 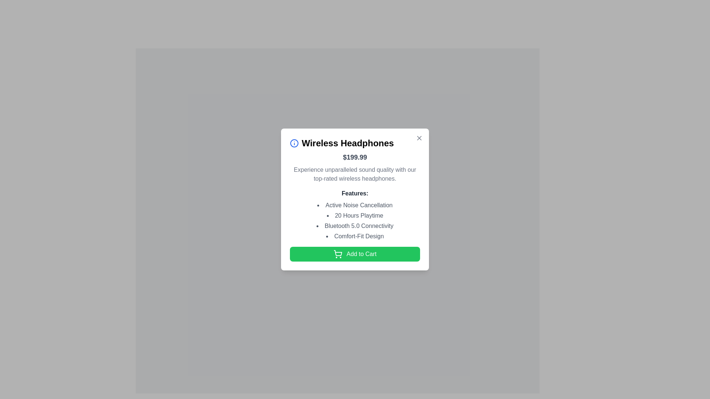 What do you see at coordinates (355, 220) in the screenshot?
I see `list of features presented in bullet points under the 'Features:' heading in the card about 'Wireless Headphones'` at bounding box center [355, 220].